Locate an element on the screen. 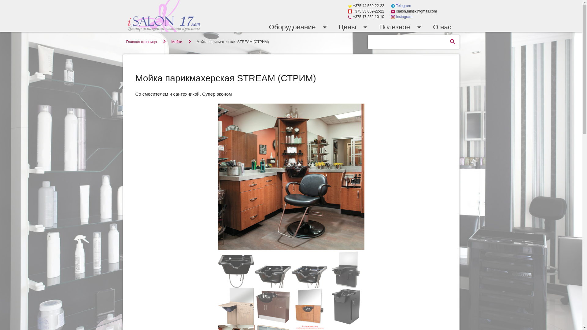 Image resolution: width=587 pixels, height=330 pixels. 'Telegram' is located at coordinates (401, 6).